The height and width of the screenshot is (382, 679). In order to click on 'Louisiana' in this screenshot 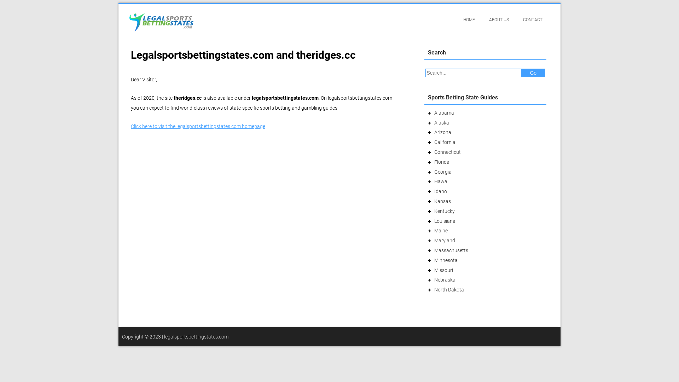, I will do `click(444, 220)`.